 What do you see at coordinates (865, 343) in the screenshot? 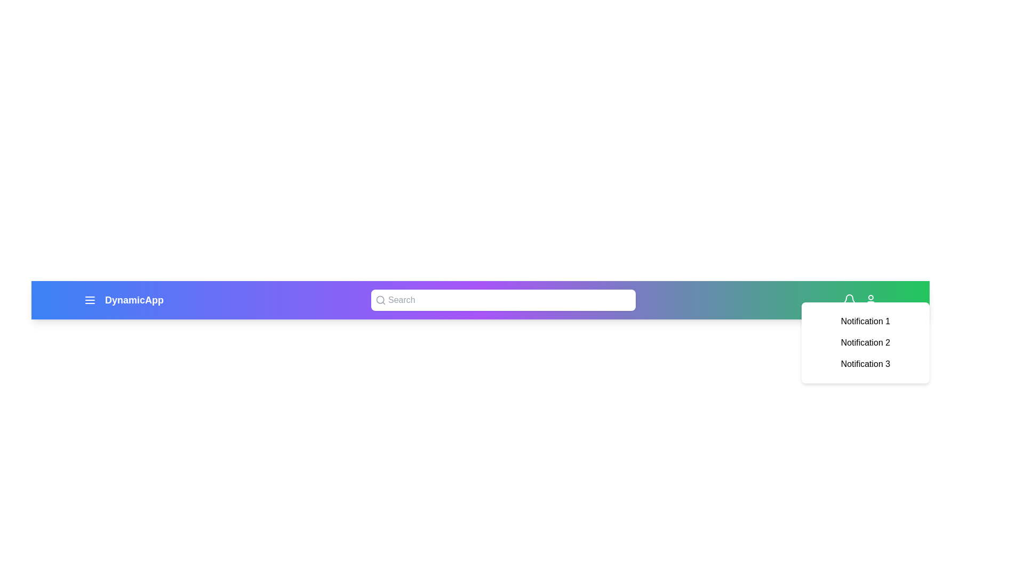
I see `the notification Notification 2 to view its details` at bounding box center [865, 343].